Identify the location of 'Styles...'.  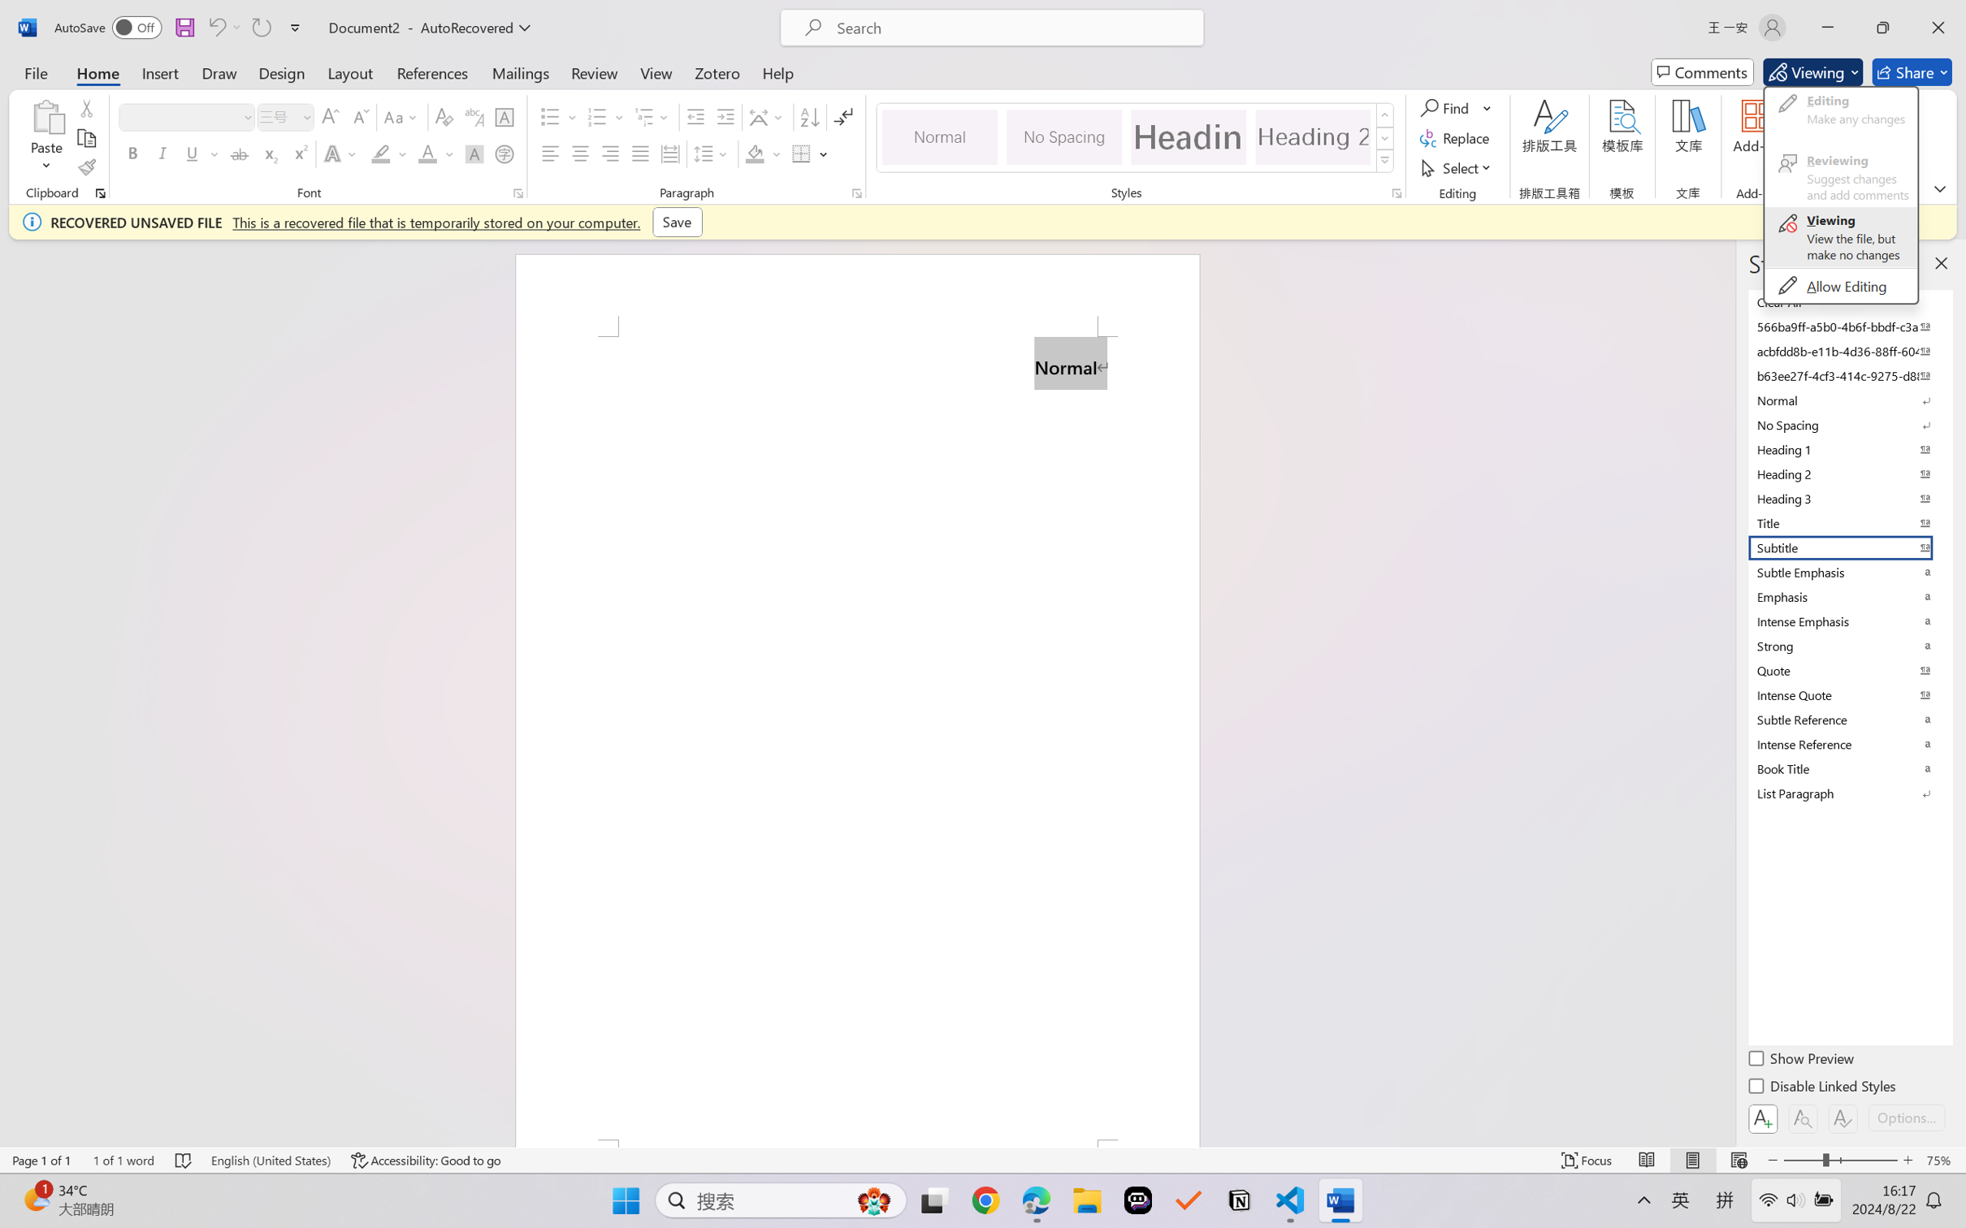
(1396, 192).